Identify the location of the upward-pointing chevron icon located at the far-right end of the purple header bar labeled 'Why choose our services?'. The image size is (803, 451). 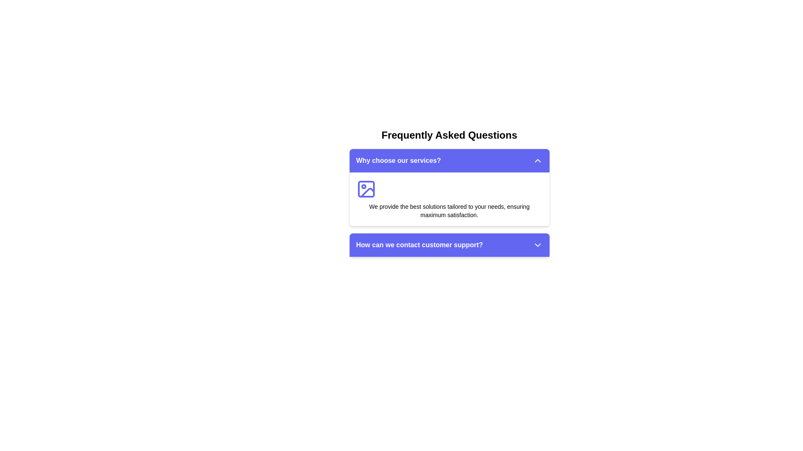
(537, 161).